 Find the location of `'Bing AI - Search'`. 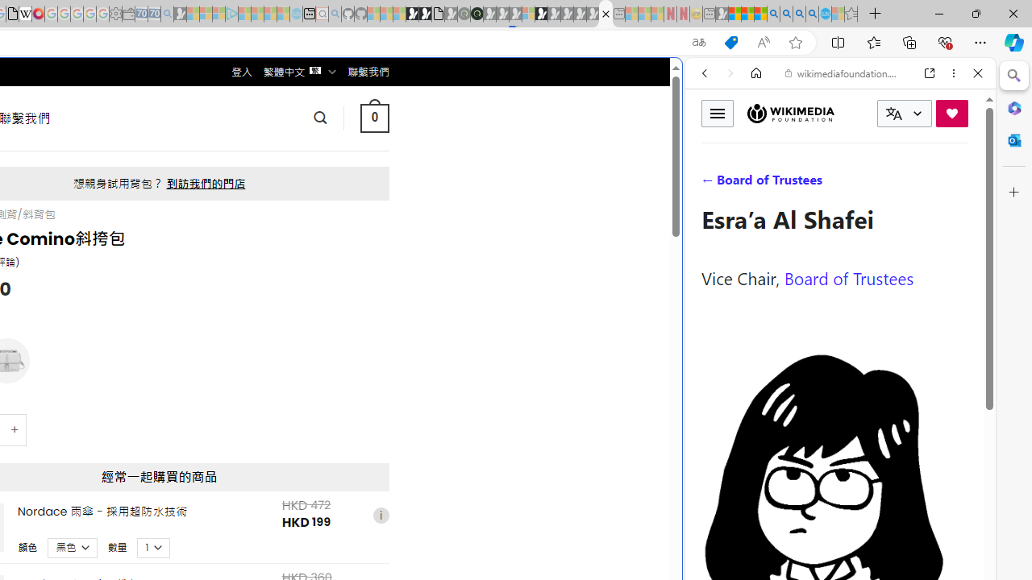

'Bing AI - Search' is located at coordinates (772, 14).